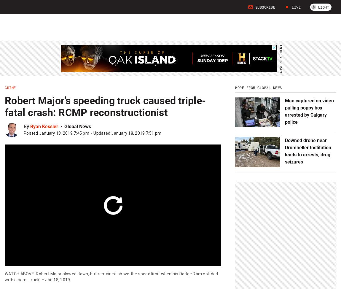  What do you see at coordinates (151, 10) in the screenshot?
I see `'U.S. News'` at bounding box center [151, 10].